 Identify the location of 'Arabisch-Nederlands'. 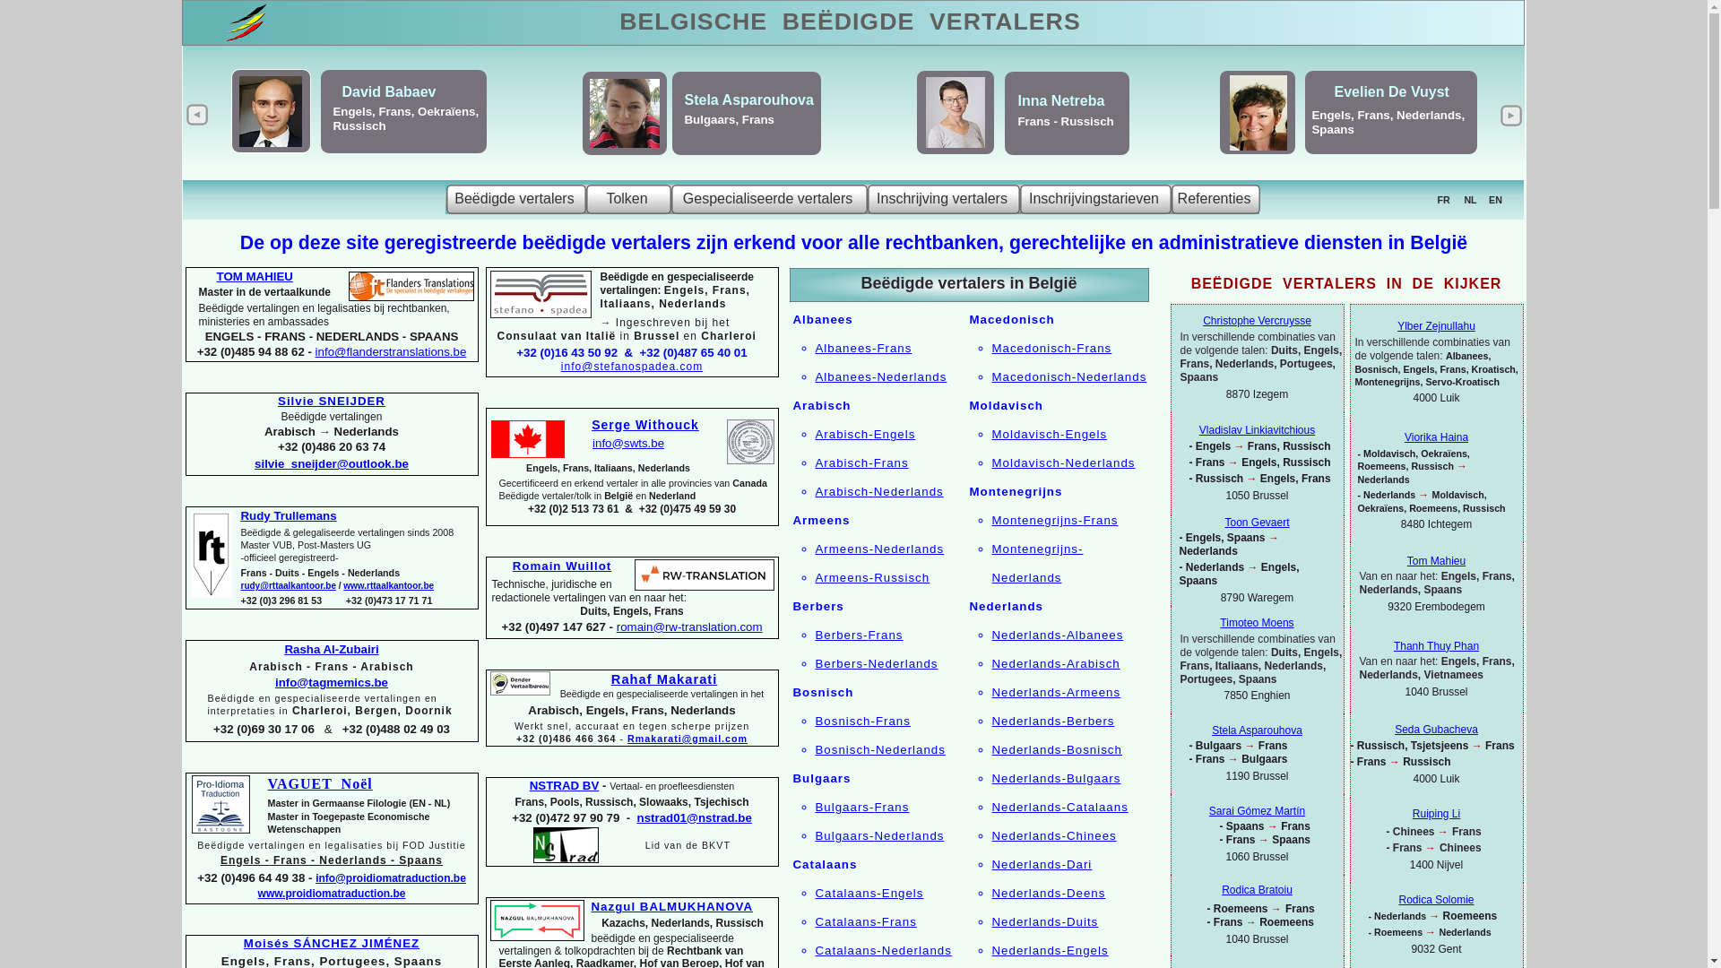
(879, 491).